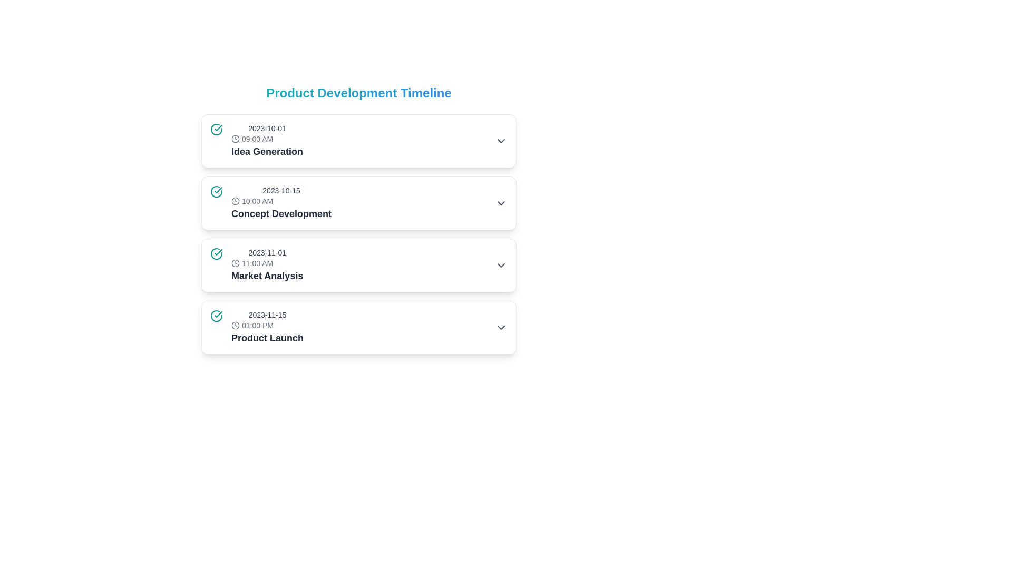  What do you see at coordinates (500, 140) in the screenshot?
I see `the chevron icon located at the far right of the topmost card labeled '2023-10-01 09:00 AM Idea Generation' in the 'Product Development Timeline' list to toggle information visibility` at bounding box center [500, 140].